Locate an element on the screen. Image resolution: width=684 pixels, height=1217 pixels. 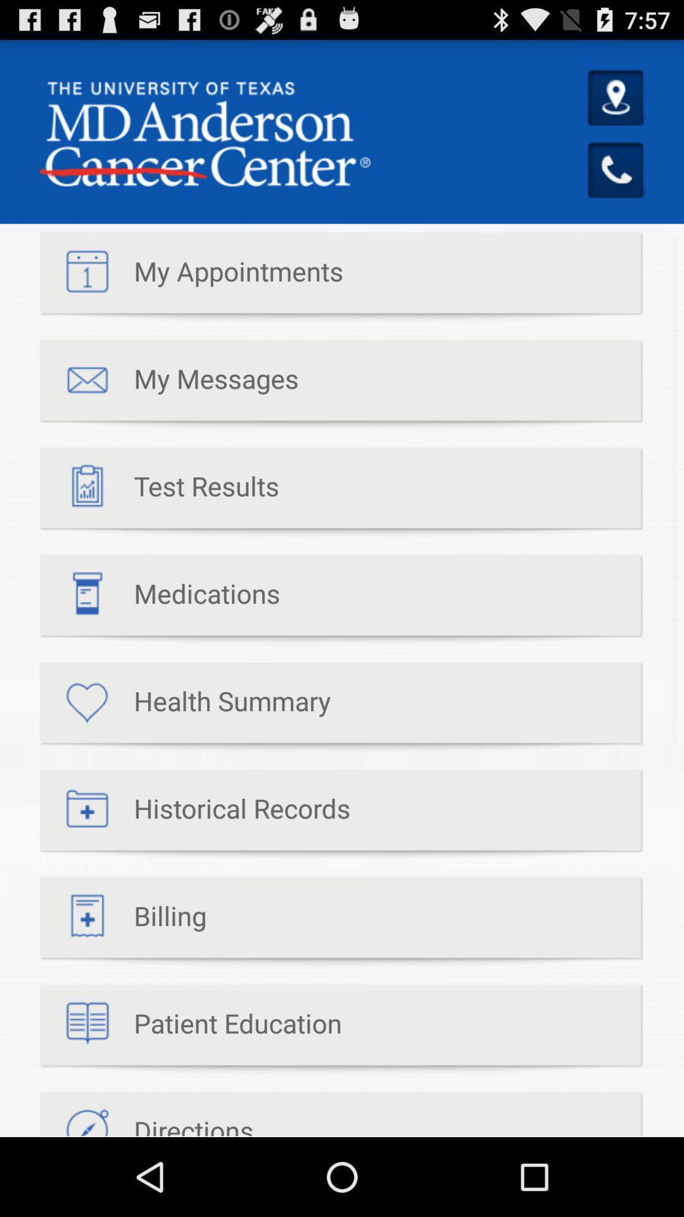
my appointments item is located at coordinates (191, 277).